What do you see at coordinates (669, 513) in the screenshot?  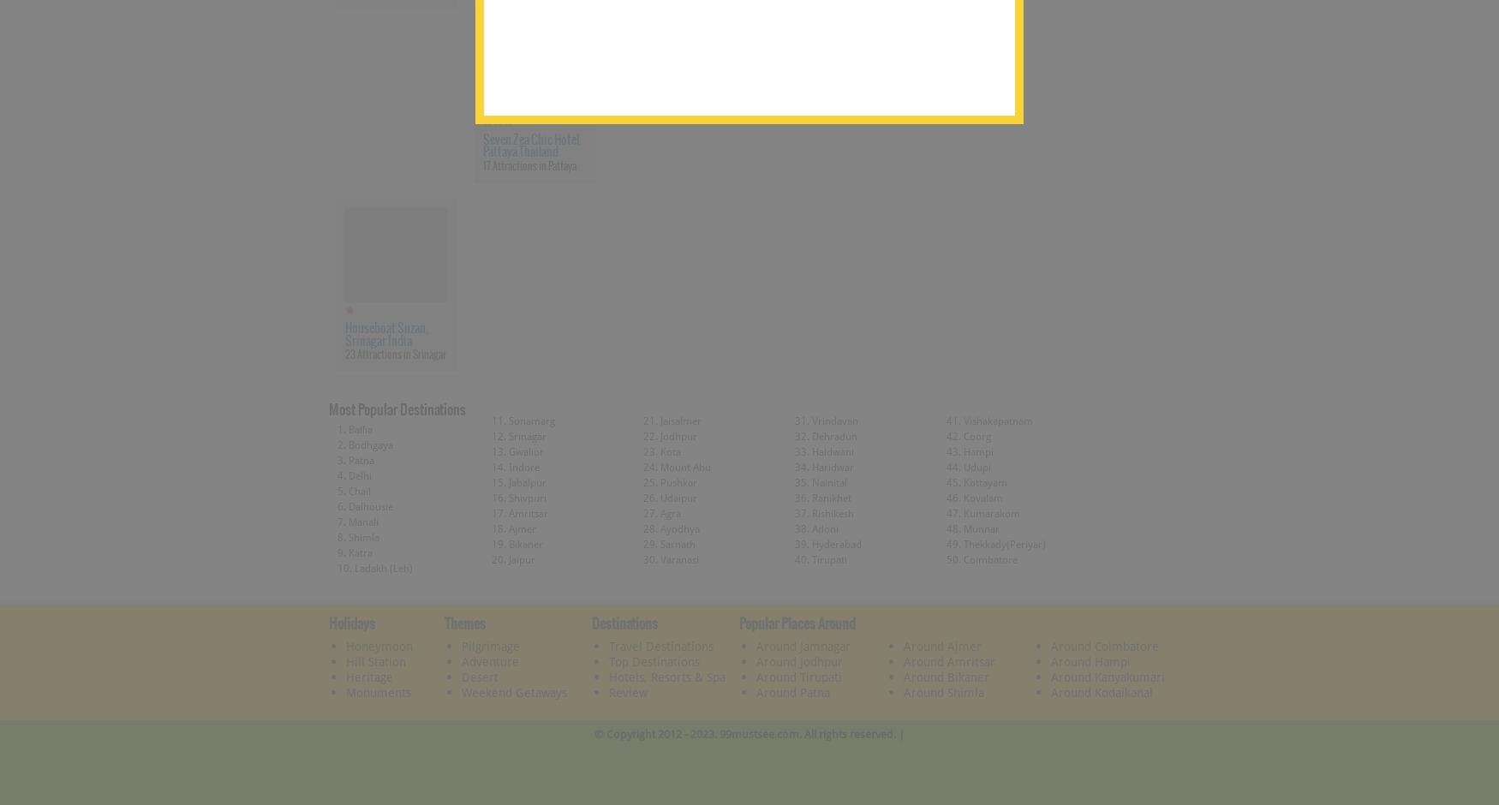 I see `'Agra'` at bounding box center [669, 513].